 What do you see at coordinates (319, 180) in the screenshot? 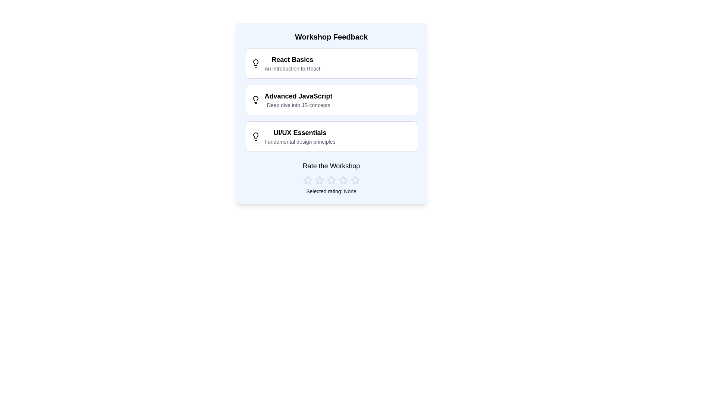
I see `the second star icon in the rating system` at bounding box center [319, 180].